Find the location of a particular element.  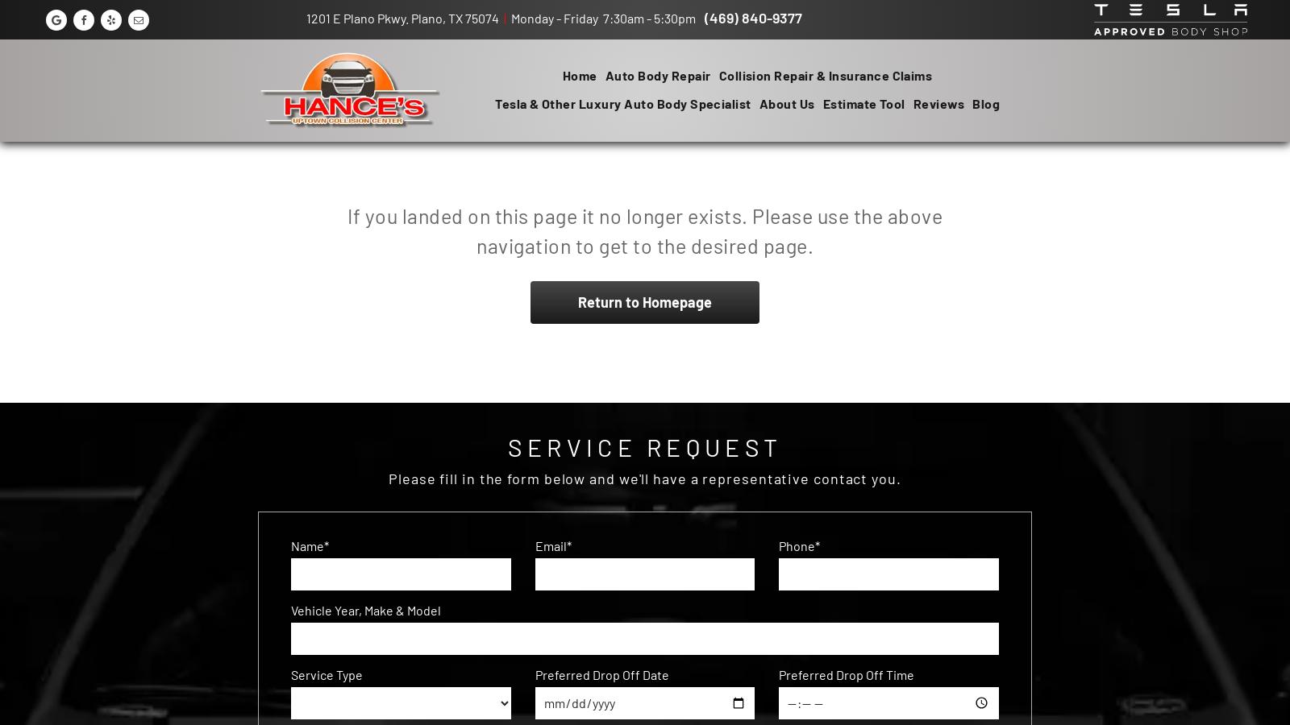

'Home' is located at coordinates (579, 74).